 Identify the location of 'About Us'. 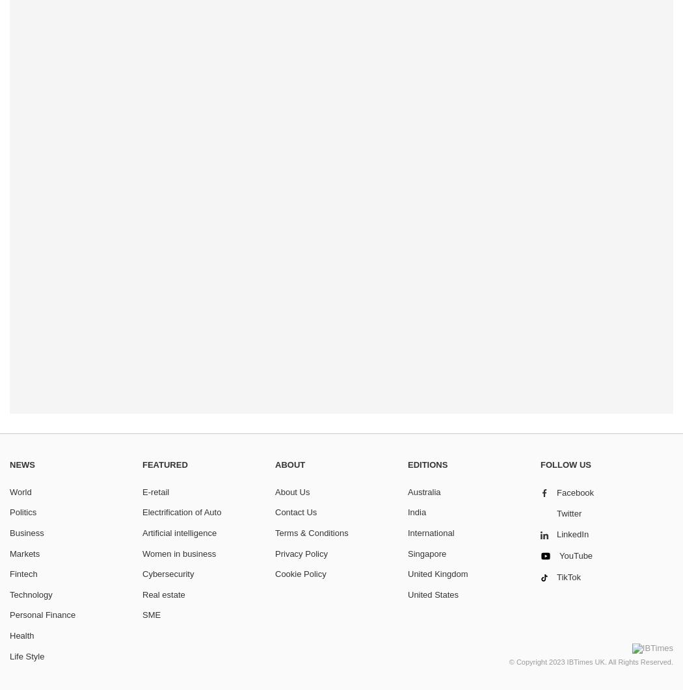
(291, 491).